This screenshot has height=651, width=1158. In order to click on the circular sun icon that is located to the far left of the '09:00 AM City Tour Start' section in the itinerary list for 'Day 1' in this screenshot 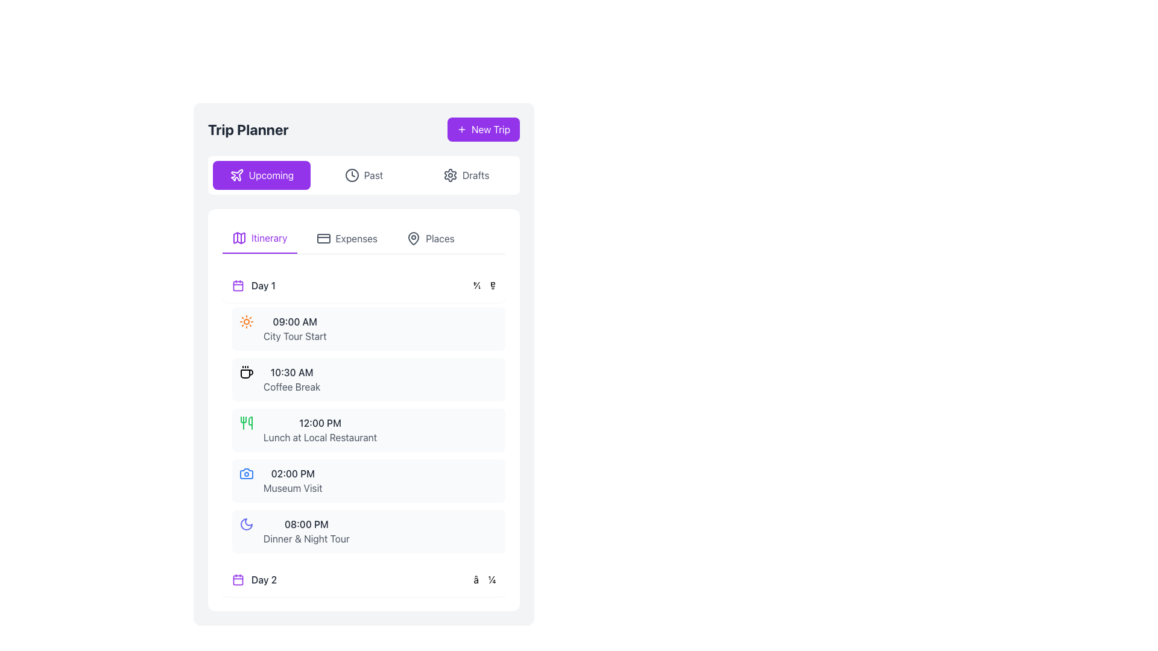, I will do `click(245, 321)`.